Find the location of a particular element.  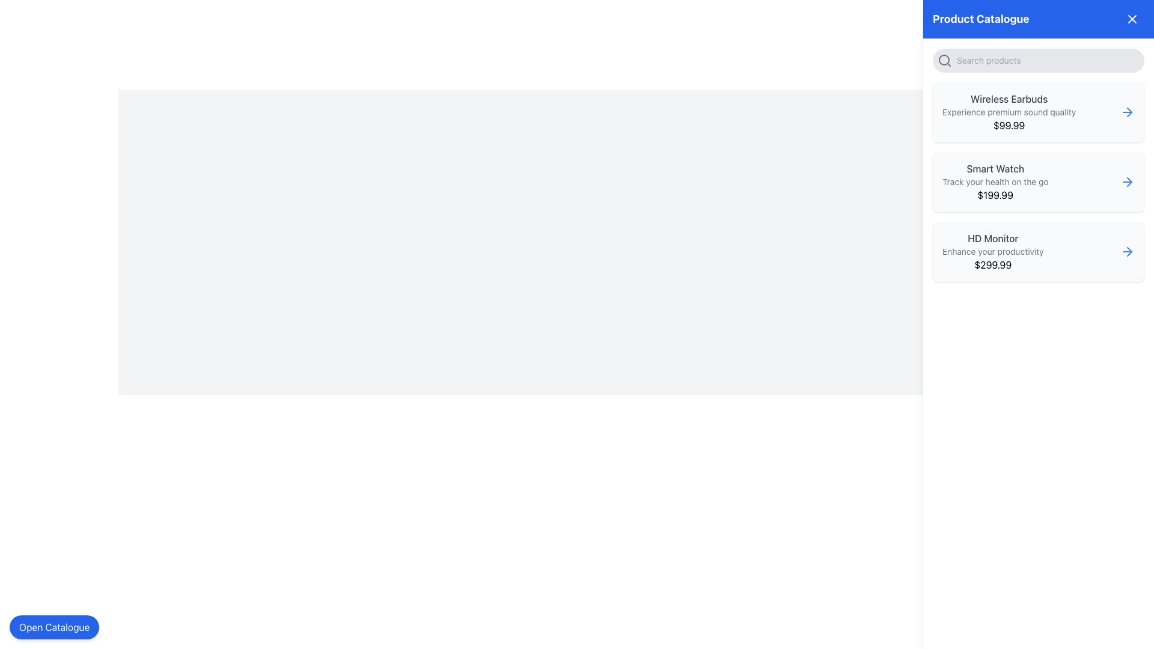

the navigation icon located to the far right of the 'Wireless Earbuds' list item in the 'Product Catalogue' section is located at coordinates (1129, 112).